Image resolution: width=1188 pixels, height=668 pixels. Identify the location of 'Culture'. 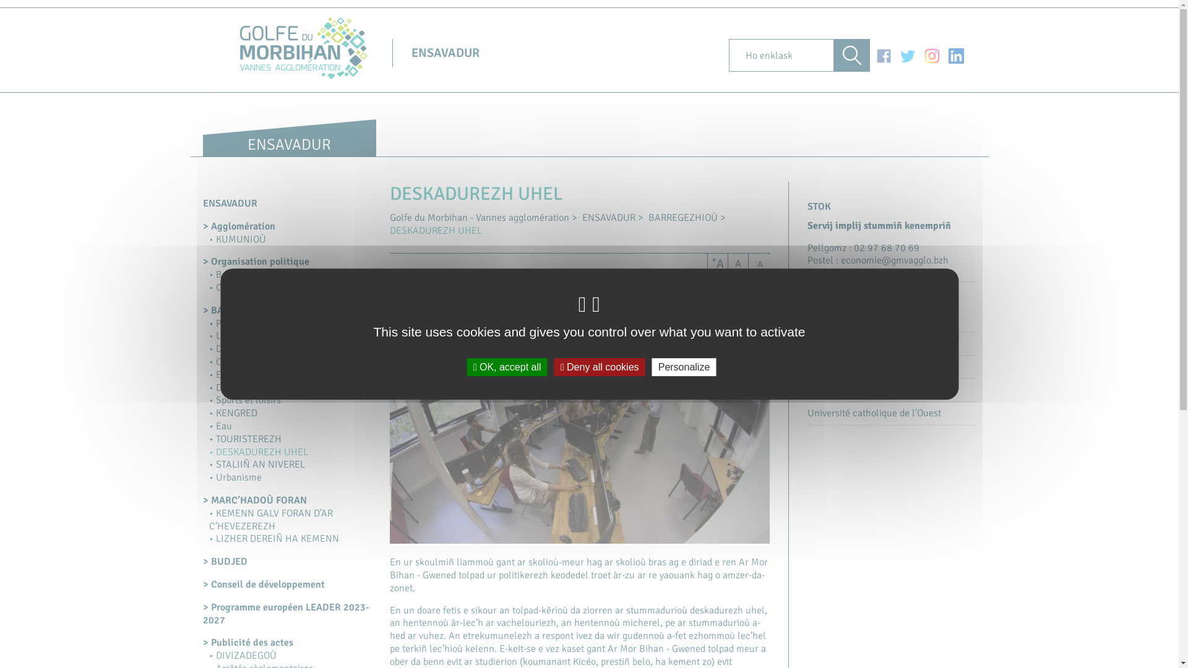
(228, 362).